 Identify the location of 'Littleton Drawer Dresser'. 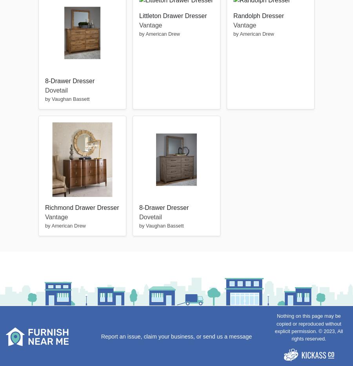
(173, 15).